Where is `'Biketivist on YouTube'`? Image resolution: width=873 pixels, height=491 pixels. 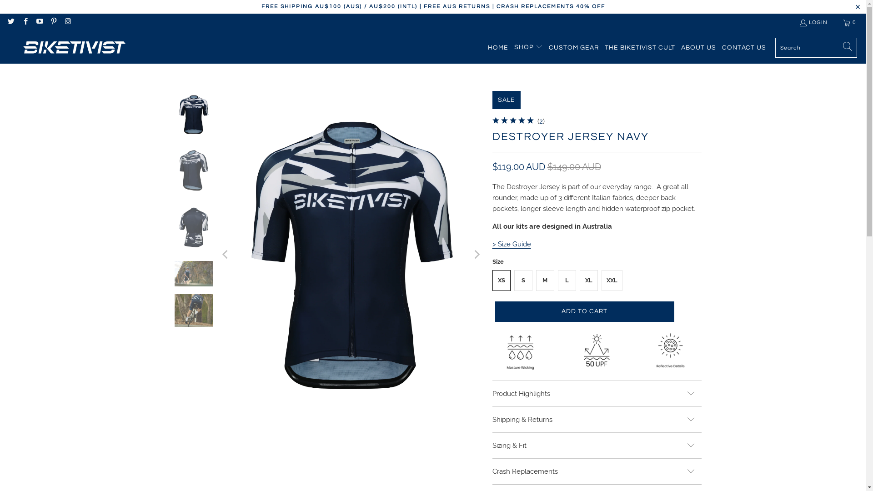 'Biketivist on YouTube' is located at coordinates (39, 22).